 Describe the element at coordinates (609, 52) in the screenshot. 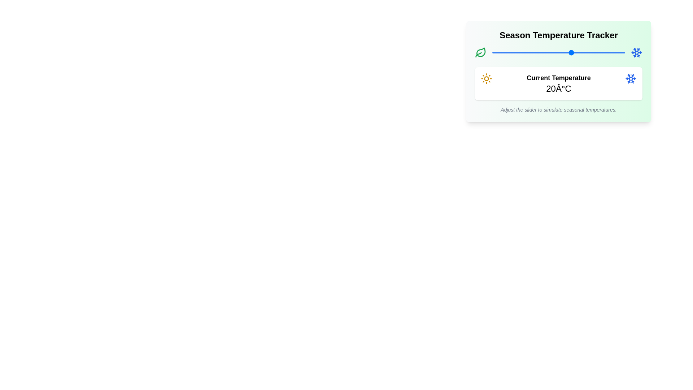

I see `the slider to set the temperature to 34°C` at that location.